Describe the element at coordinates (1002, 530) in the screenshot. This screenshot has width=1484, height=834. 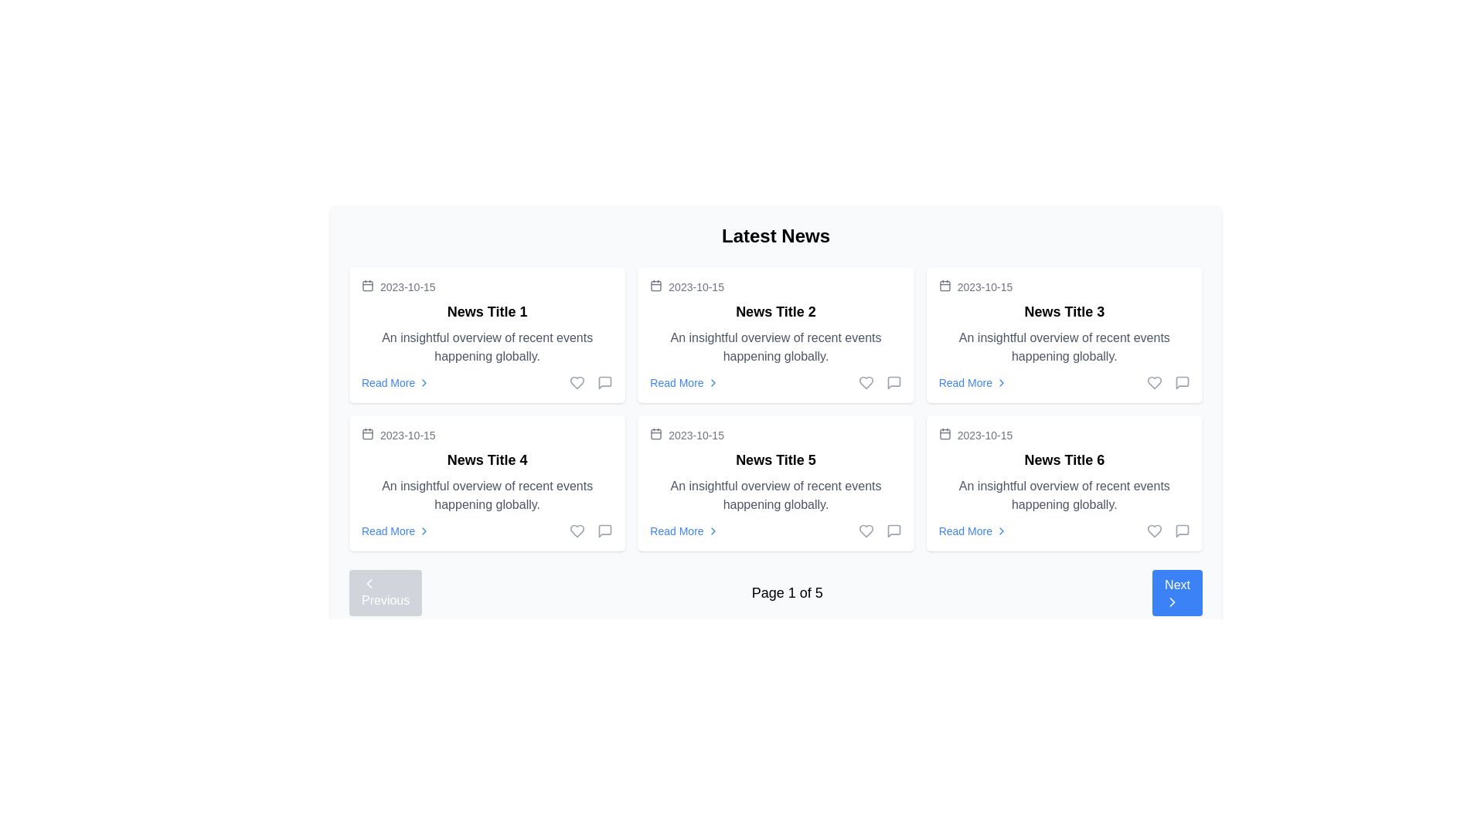
I see `the icon associated with the 'Read More' button for 'News Title 6', located in the bottom-right corner of the card` at that location.